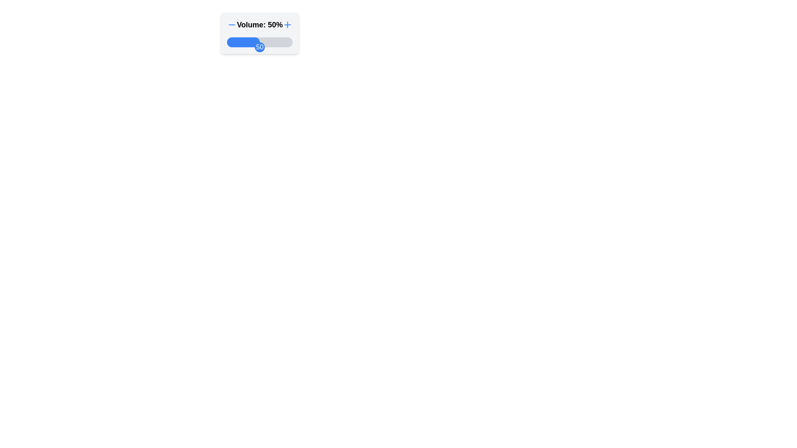 This screenshot has height=448, width=797. What do you see at coordinates (238, 42) in the screenshot?
I see `the slider` at bounding box center [238, 42].